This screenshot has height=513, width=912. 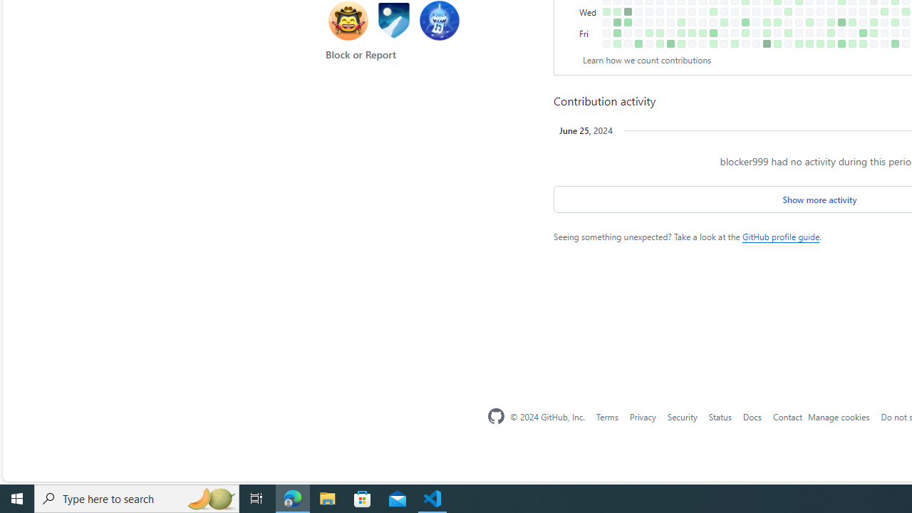 What do you see at coordinates (670, 22) in the screenshot?
I see `'No contributions on February 15th.'` at bounding box center [670, 22].